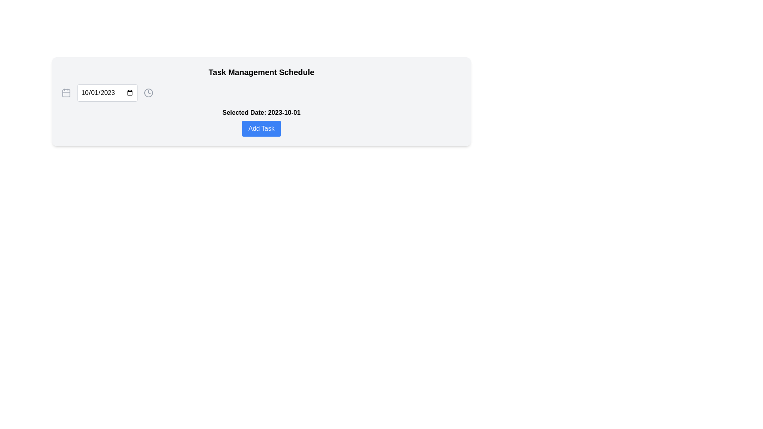 The image size is (763, 429). Describe the element at coordinates (261, 122) in the screenshot. I see `label stating 'Selected Date: 2023-10-01' located directly below the title 'Task Management Schedule' in the Composite element` at that location.